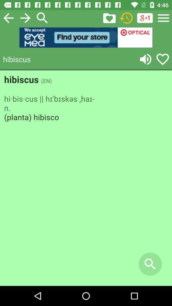 This screenshot has height=306, width=172. What do you see at coordinates (109, 18) in the screenshot?
I see `opens saved words` at bounding box center [109, 18].